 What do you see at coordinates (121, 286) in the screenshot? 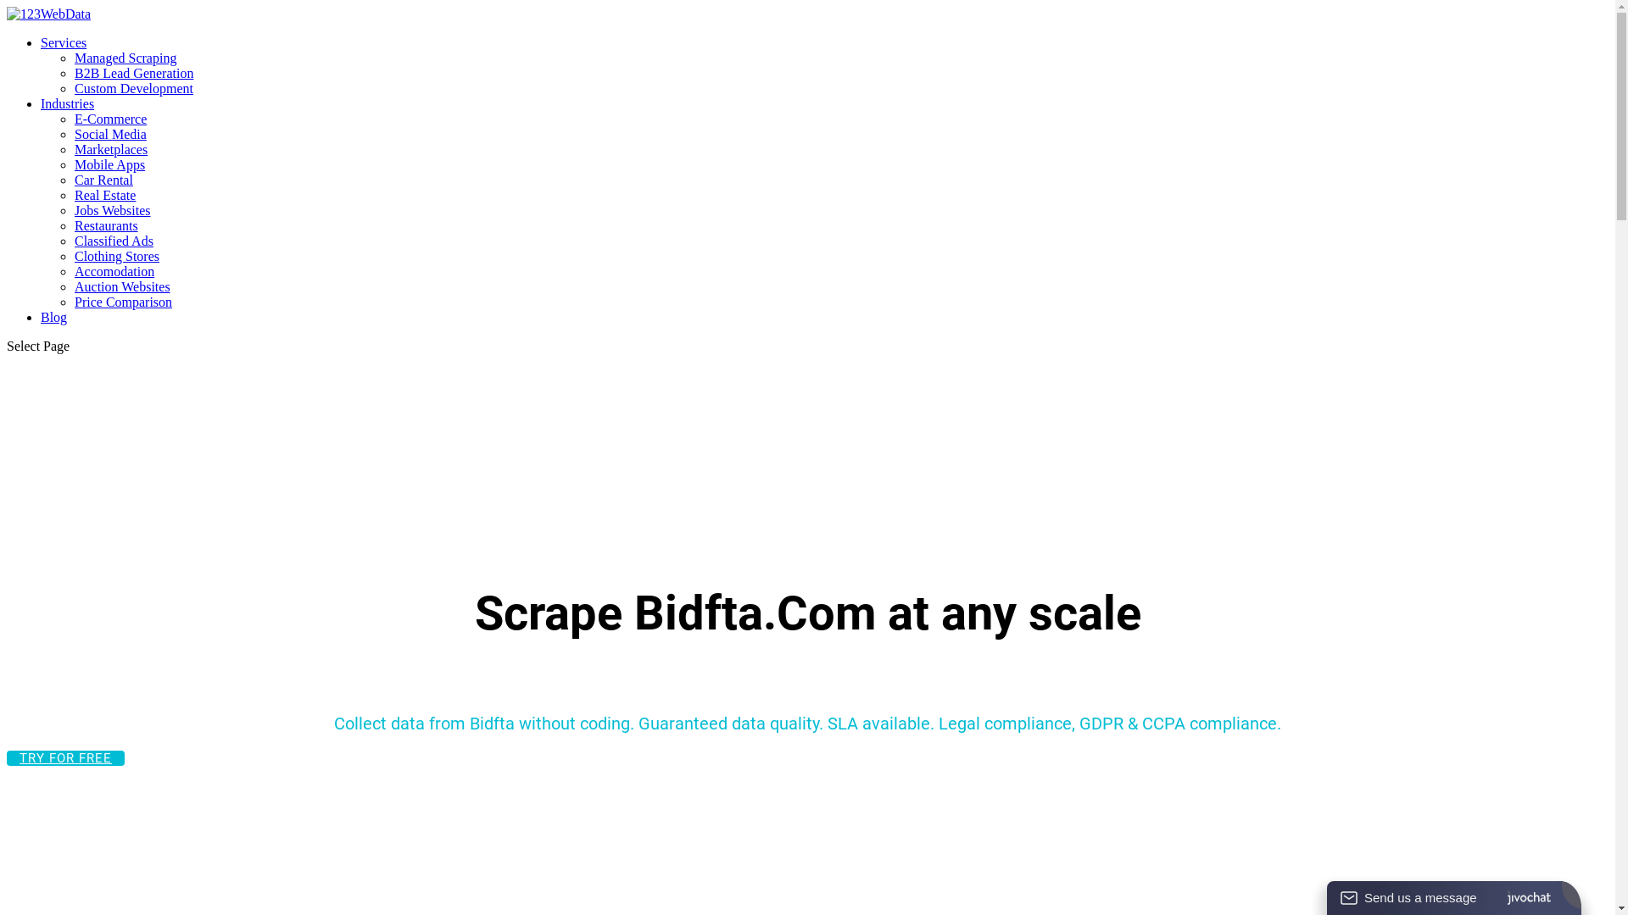
I see `'Auction Websites'` at bounding box center [121, 286].